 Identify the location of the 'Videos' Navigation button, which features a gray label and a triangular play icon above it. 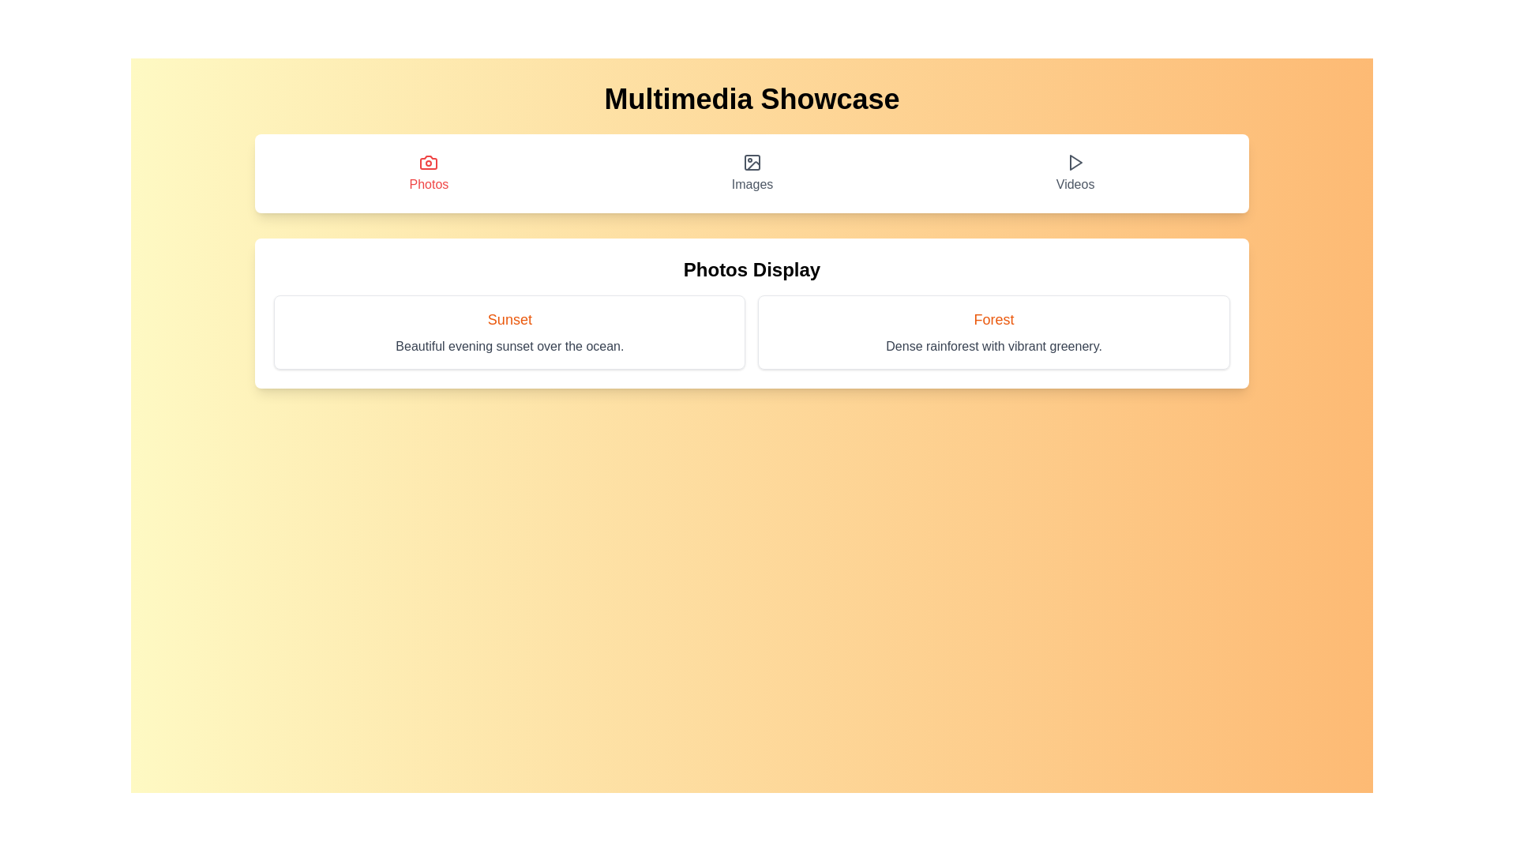
(1075, 173).